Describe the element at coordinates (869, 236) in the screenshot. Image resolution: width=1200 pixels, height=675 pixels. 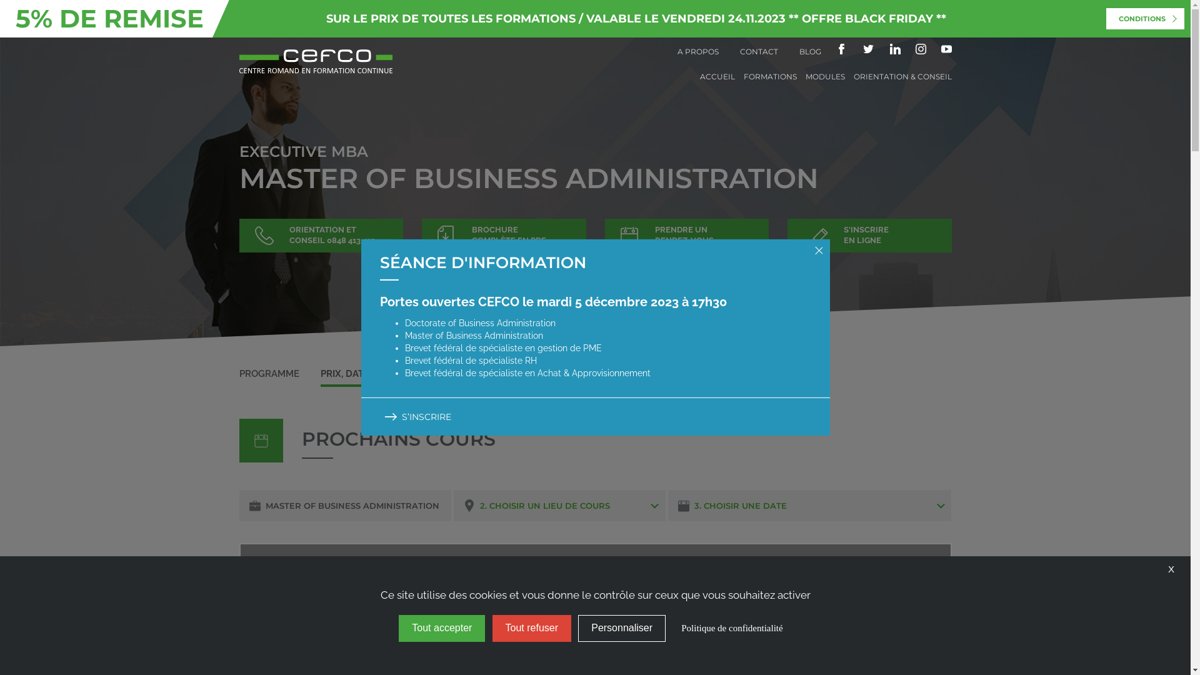
I see `'S'INSCRIRE` at that location.